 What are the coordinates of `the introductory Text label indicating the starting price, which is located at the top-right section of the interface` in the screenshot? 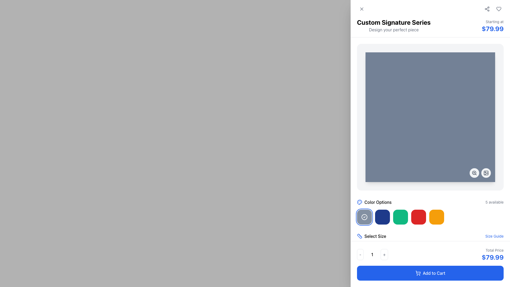 It's located at (492, 21).